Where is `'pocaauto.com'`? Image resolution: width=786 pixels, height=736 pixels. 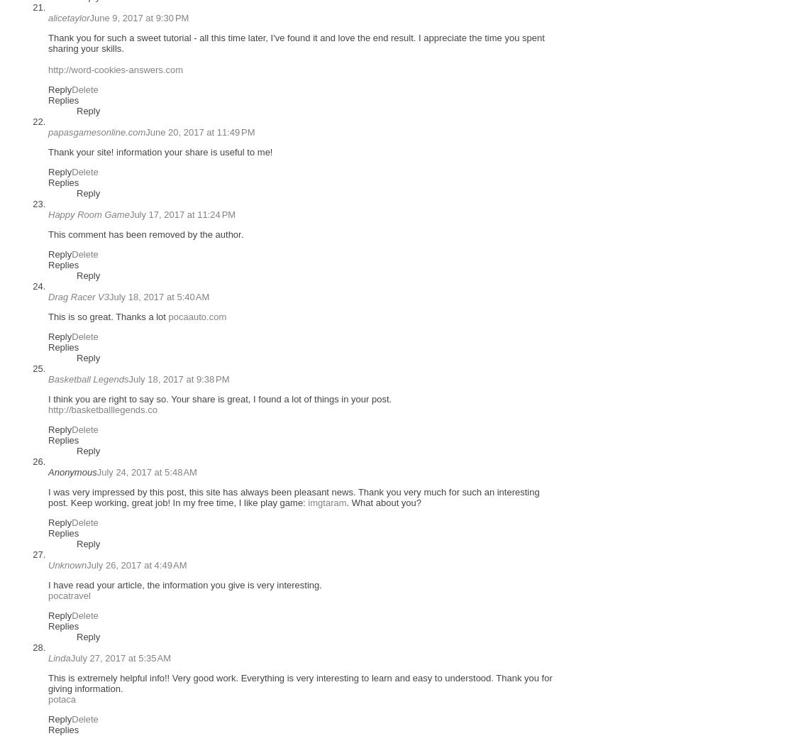
'pocaauto.com' is located at coordinates (196, 316).